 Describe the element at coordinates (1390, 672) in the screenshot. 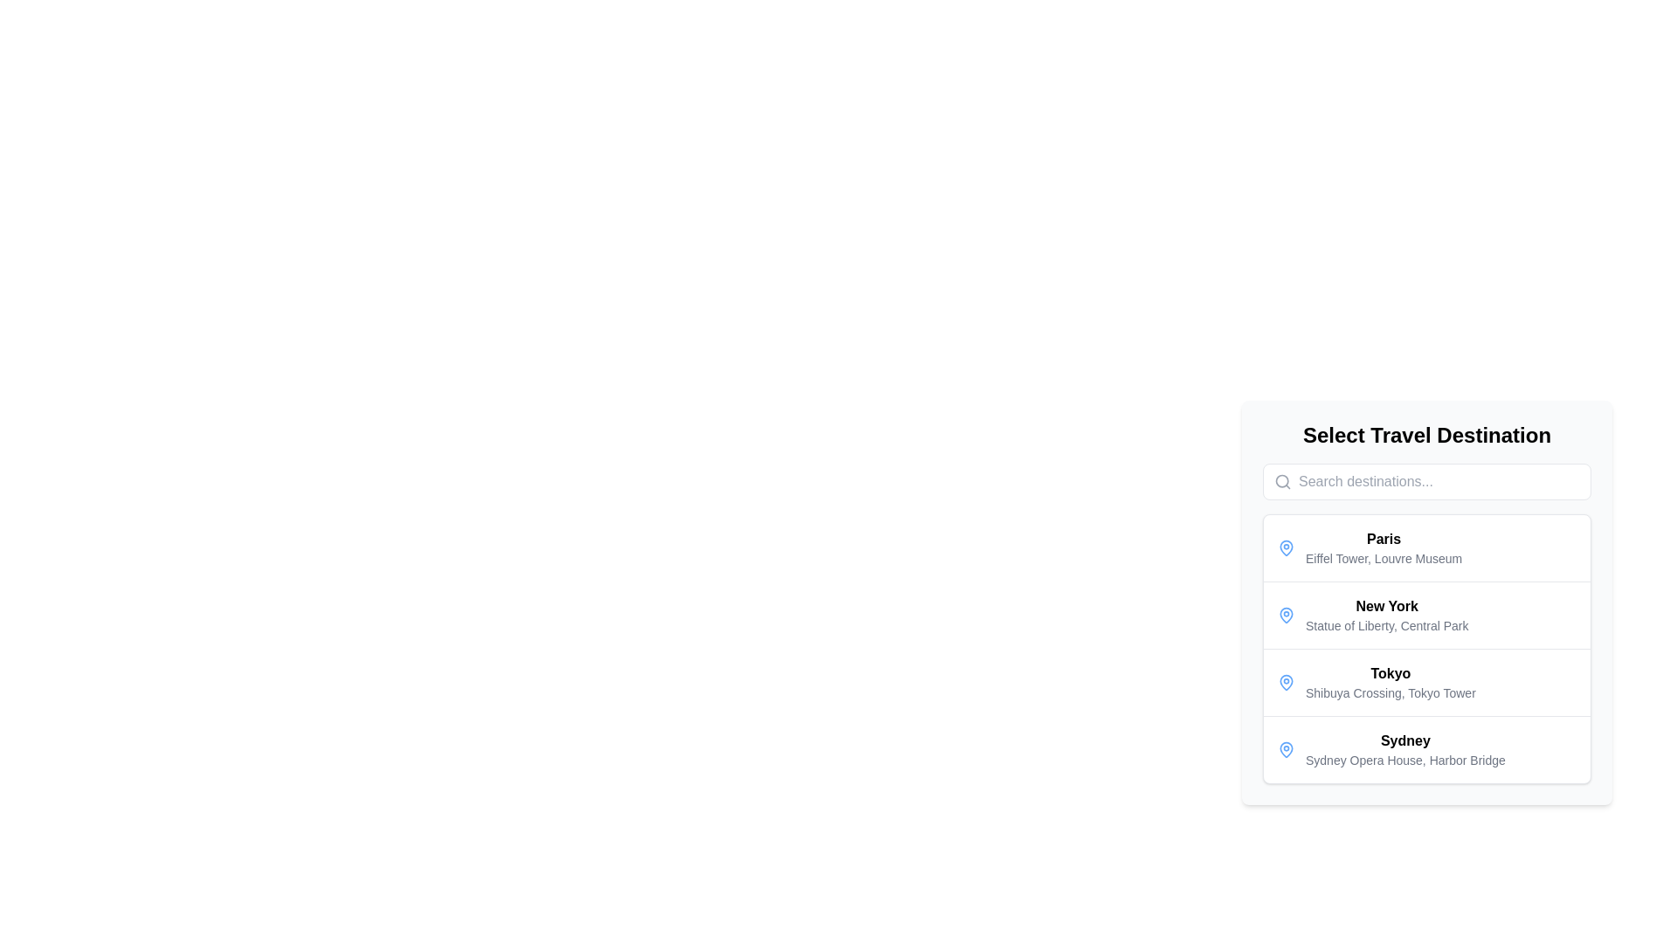

I see `text label for the travel destination entry titled 'Shibuya Crossing, Tokyo Tower', which is the third item in the card-style list under 'Select Travel Destination'` at that location.